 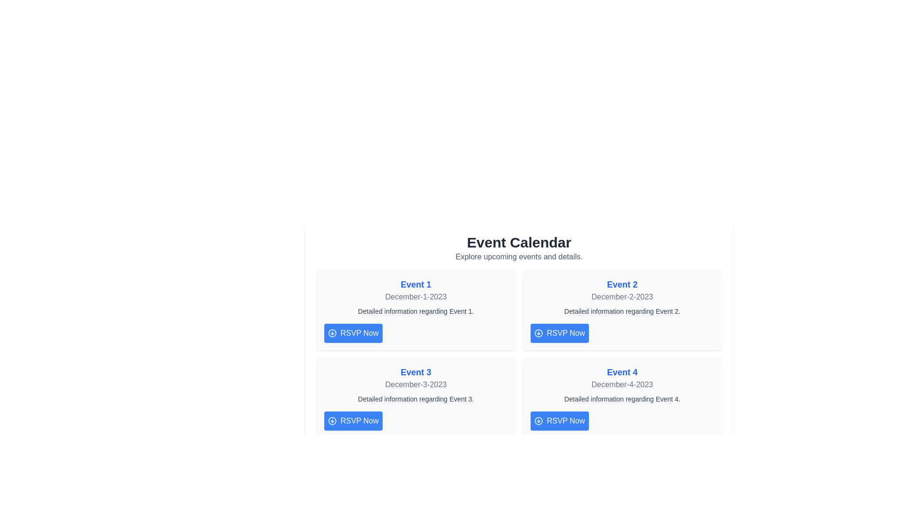 What do you see at coordinates (416, 384) in the screenshot?
I see `the Text Label displaying 'December-3-2023' in gray font, which is located in the second line of the event card labeled 'Event 3'` at bounding box center [416, 384].